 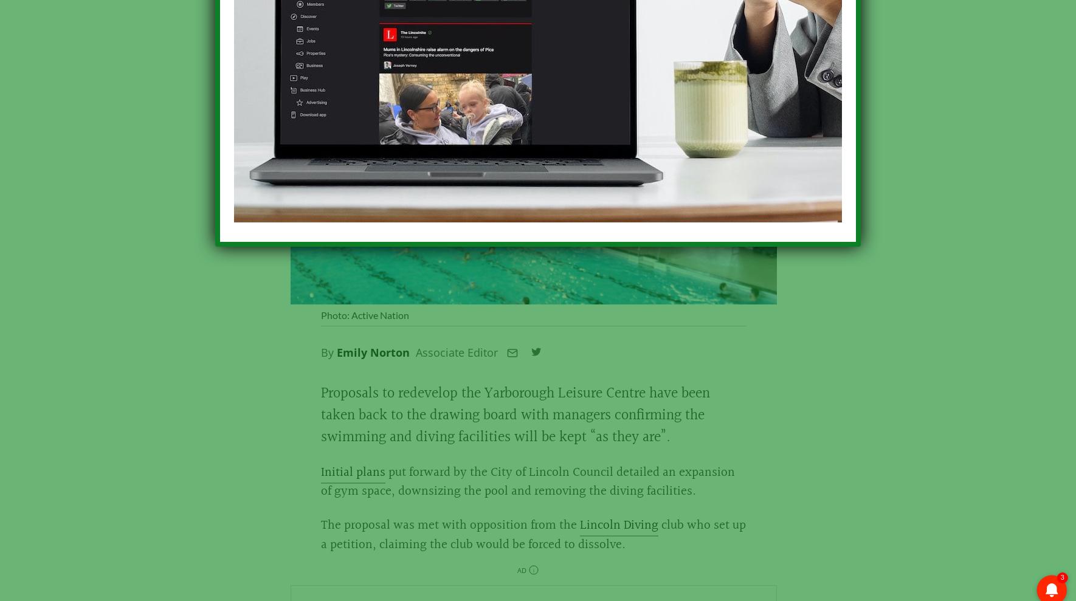 I want to click on 'i', so click(x=533, y=577).